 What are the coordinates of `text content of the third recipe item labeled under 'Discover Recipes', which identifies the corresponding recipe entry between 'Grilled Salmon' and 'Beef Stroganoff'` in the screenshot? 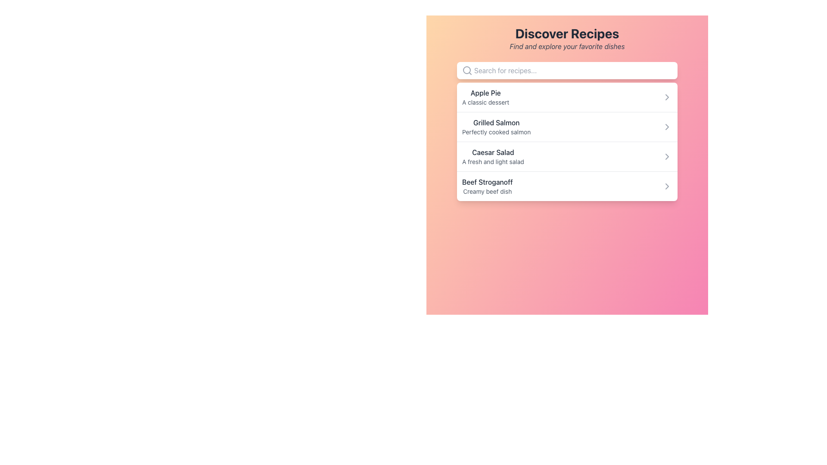 It's located at (493, 152).